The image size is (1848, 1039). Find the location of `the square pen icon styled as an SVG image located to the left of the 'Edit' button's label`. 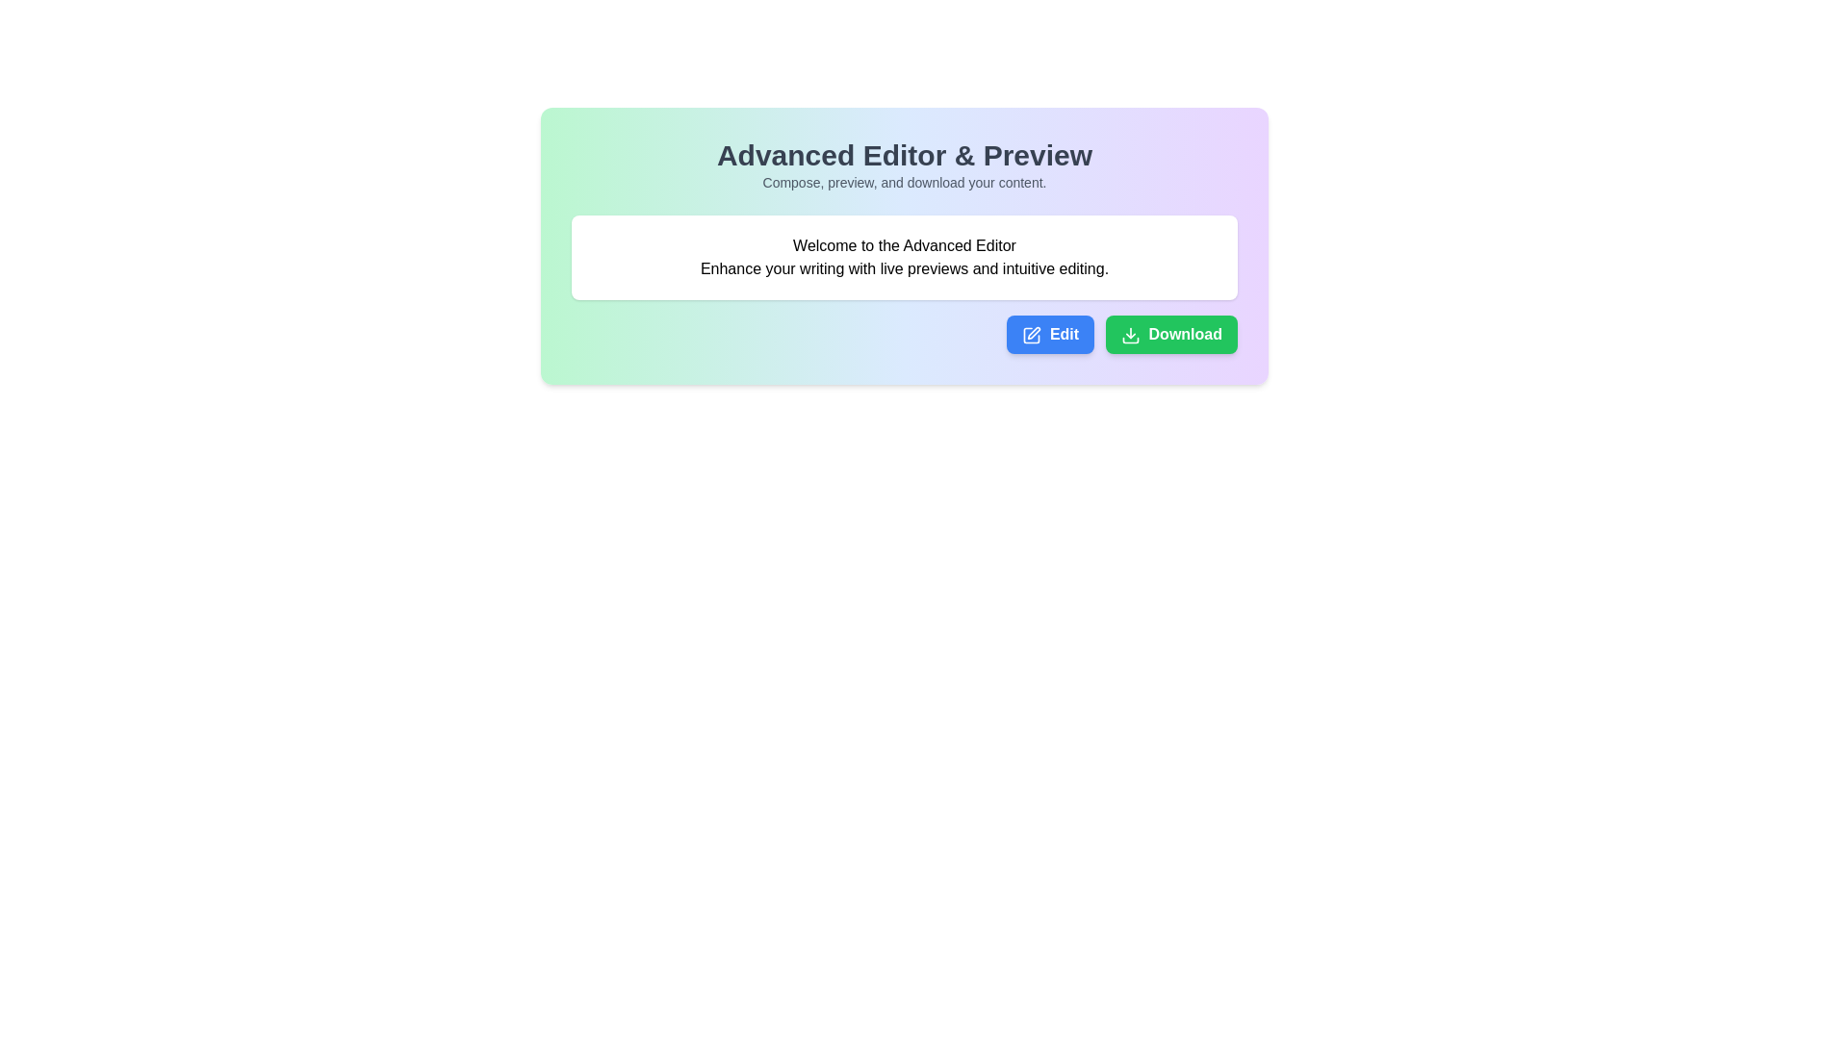

the square pen icon styled as an SVG image located to the left of the 'Edit' button's label is located at coordinates (1031, 334).